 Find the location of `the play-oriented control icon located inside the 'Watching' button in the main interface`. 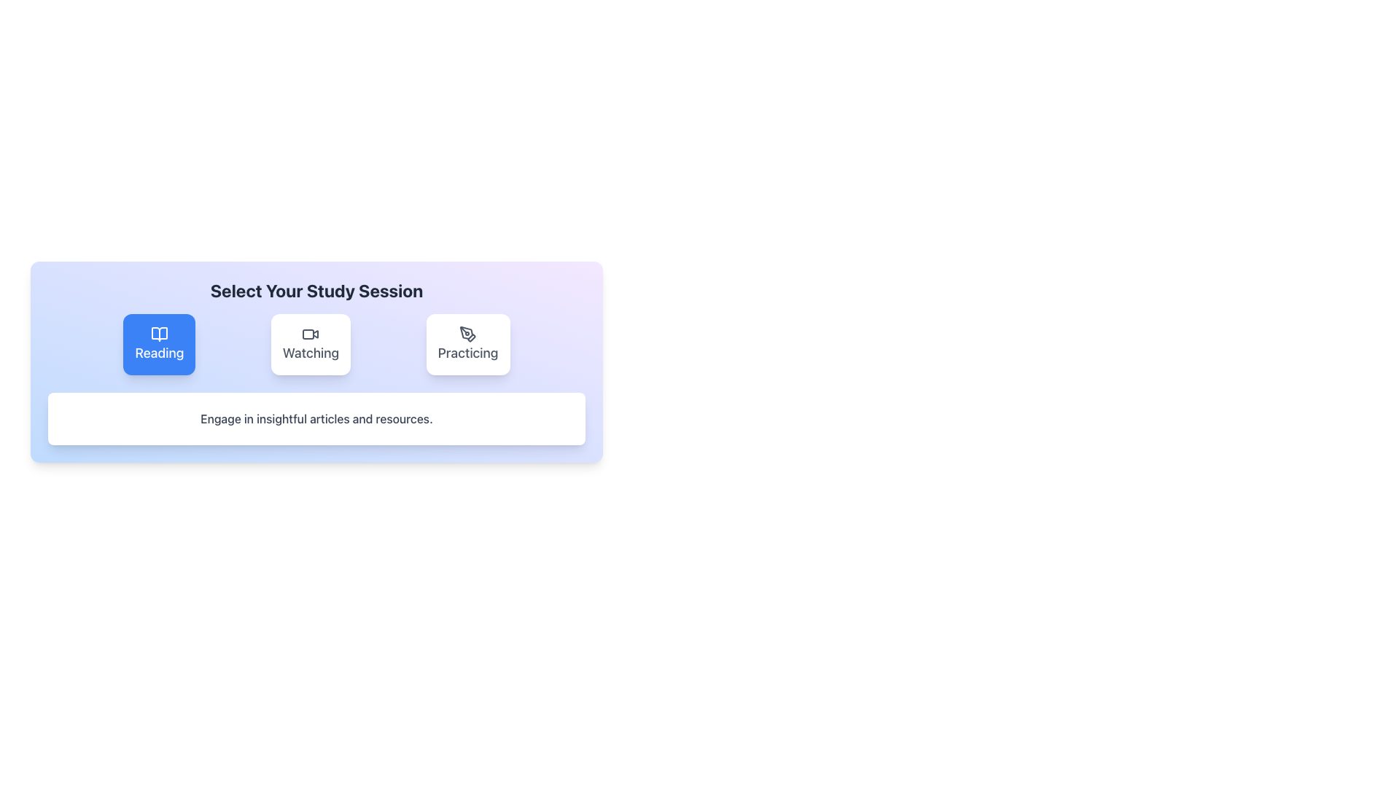

the play-oriented control icon located inside the 'Watching' button in the main interface is located at coordinates (315, 334).